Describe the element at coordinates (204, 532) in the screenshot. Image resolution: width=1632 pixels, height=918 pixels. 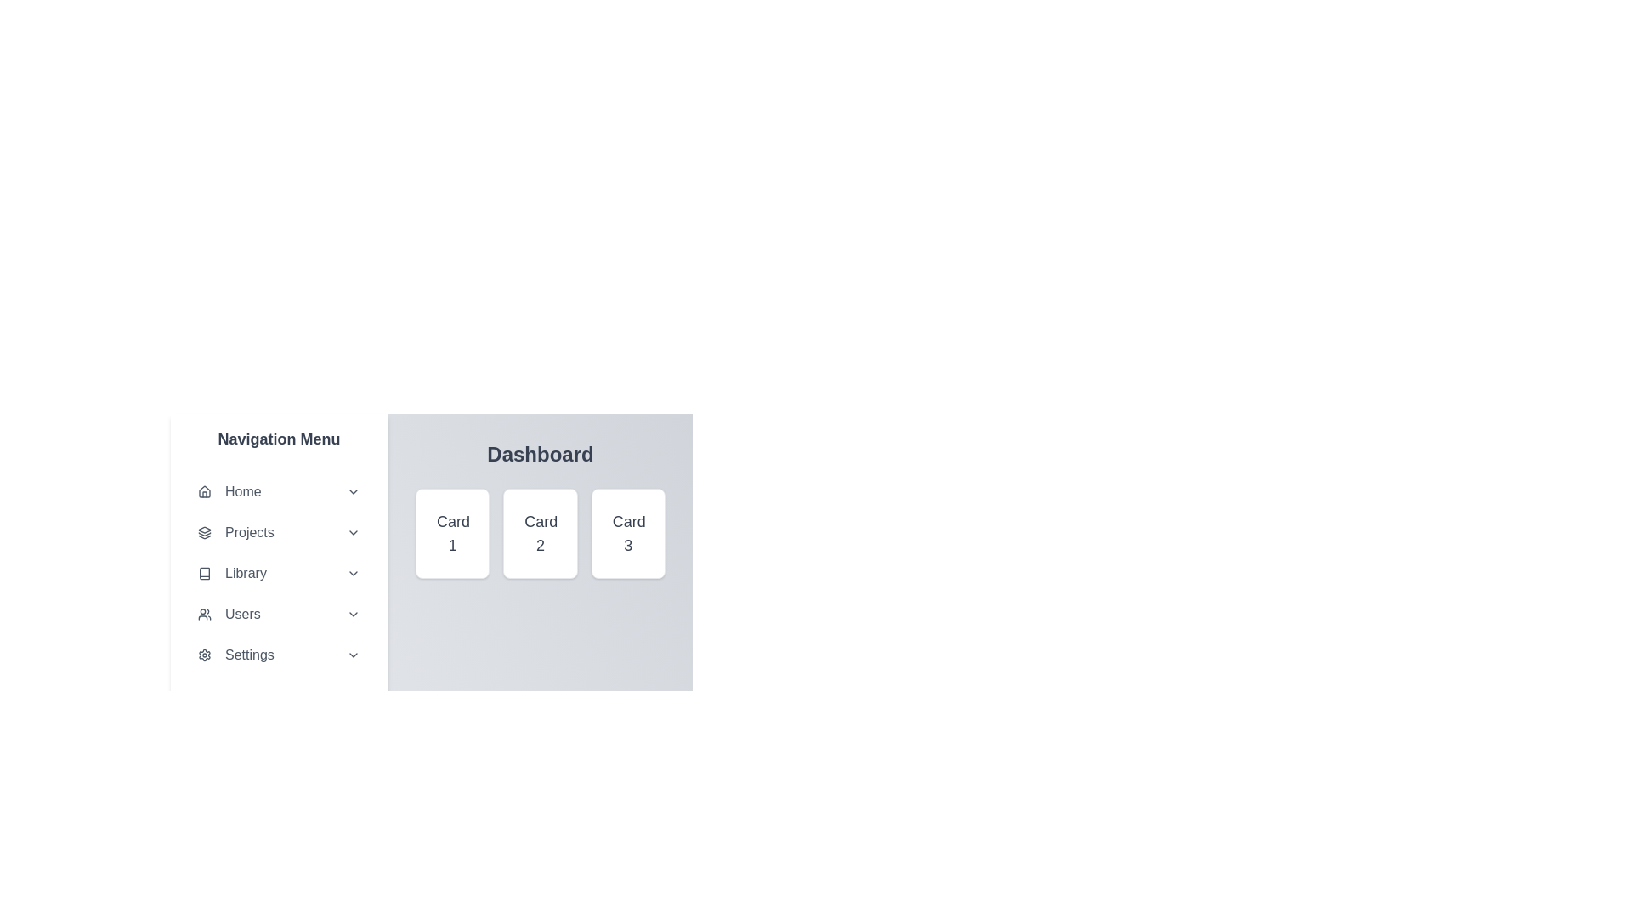
I see `the small layered icon located to the left of the text 'Projects' in the navigation menu` at that location.